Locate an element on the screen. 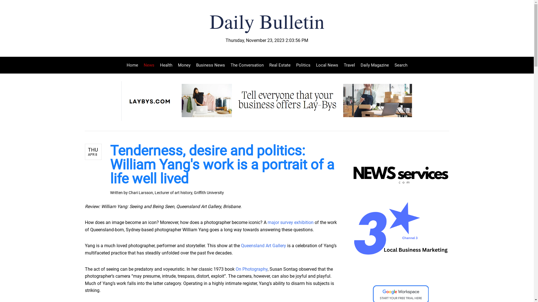 Image resolution: width=538 pixels, height=302 pixels. 'On Photography' is located at coordinates (251, 269).